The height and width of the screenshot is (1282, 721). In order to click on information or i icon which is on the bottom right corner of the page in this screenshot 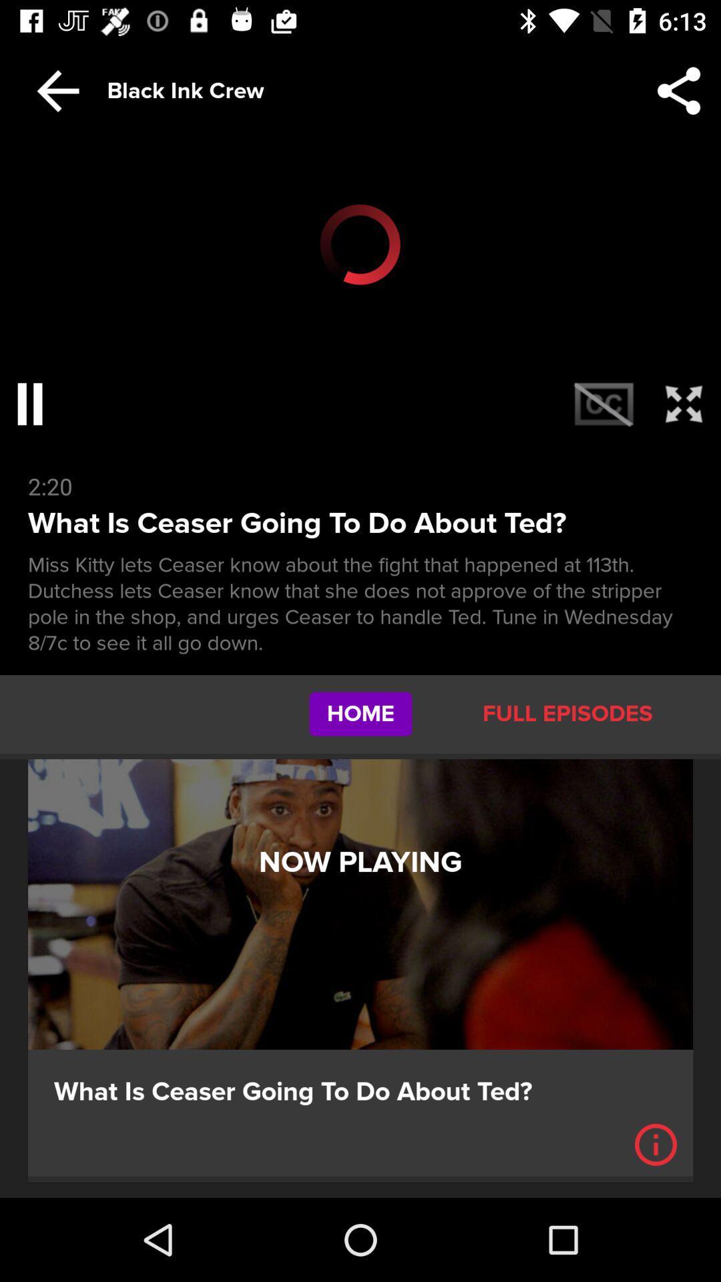, I will do `click(656, 1144)`.